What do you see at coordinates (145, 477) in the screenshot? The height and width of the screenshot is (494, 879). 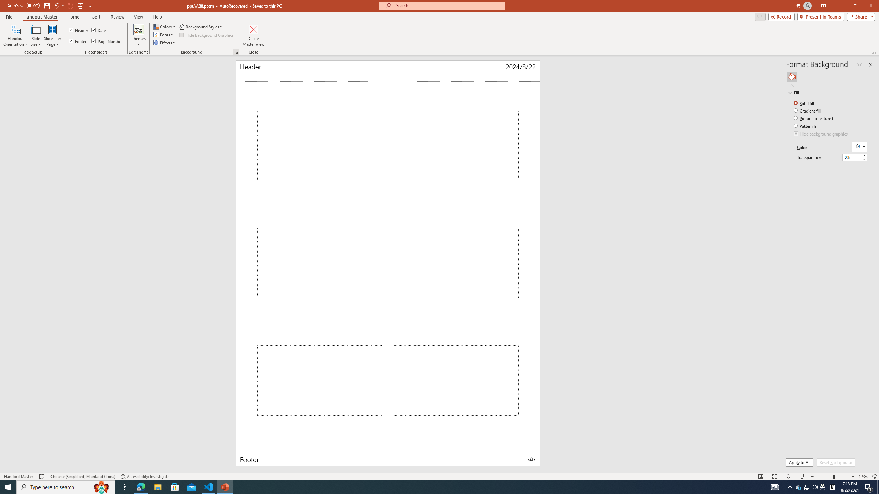 I see `'Accessibility Checker Accessibility: Investigate'` at bounding box center [145, 477].